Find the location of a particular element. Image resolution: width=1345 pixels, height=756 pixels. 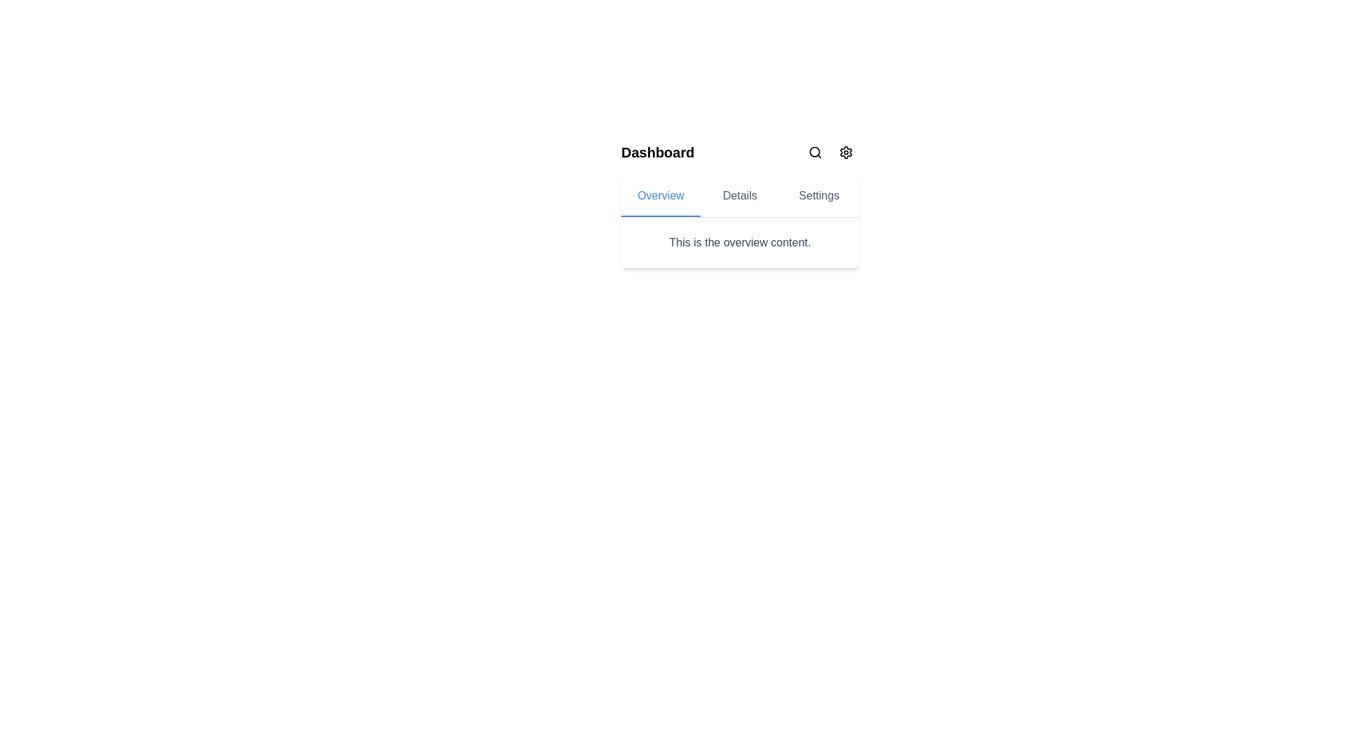

the 'Settings' tab in the navigation bar is located at coordinates (819, 197).